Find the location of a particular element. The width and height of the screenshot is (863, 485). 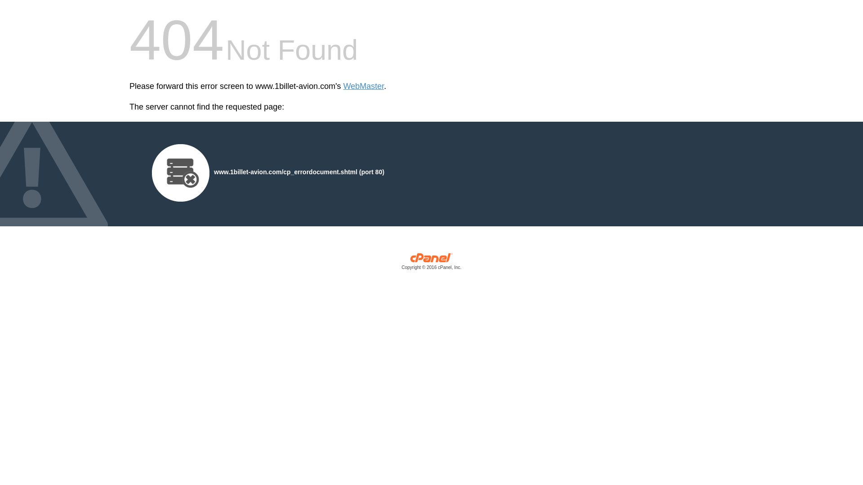

'WebMaster' is located at coordinates (343, 86).